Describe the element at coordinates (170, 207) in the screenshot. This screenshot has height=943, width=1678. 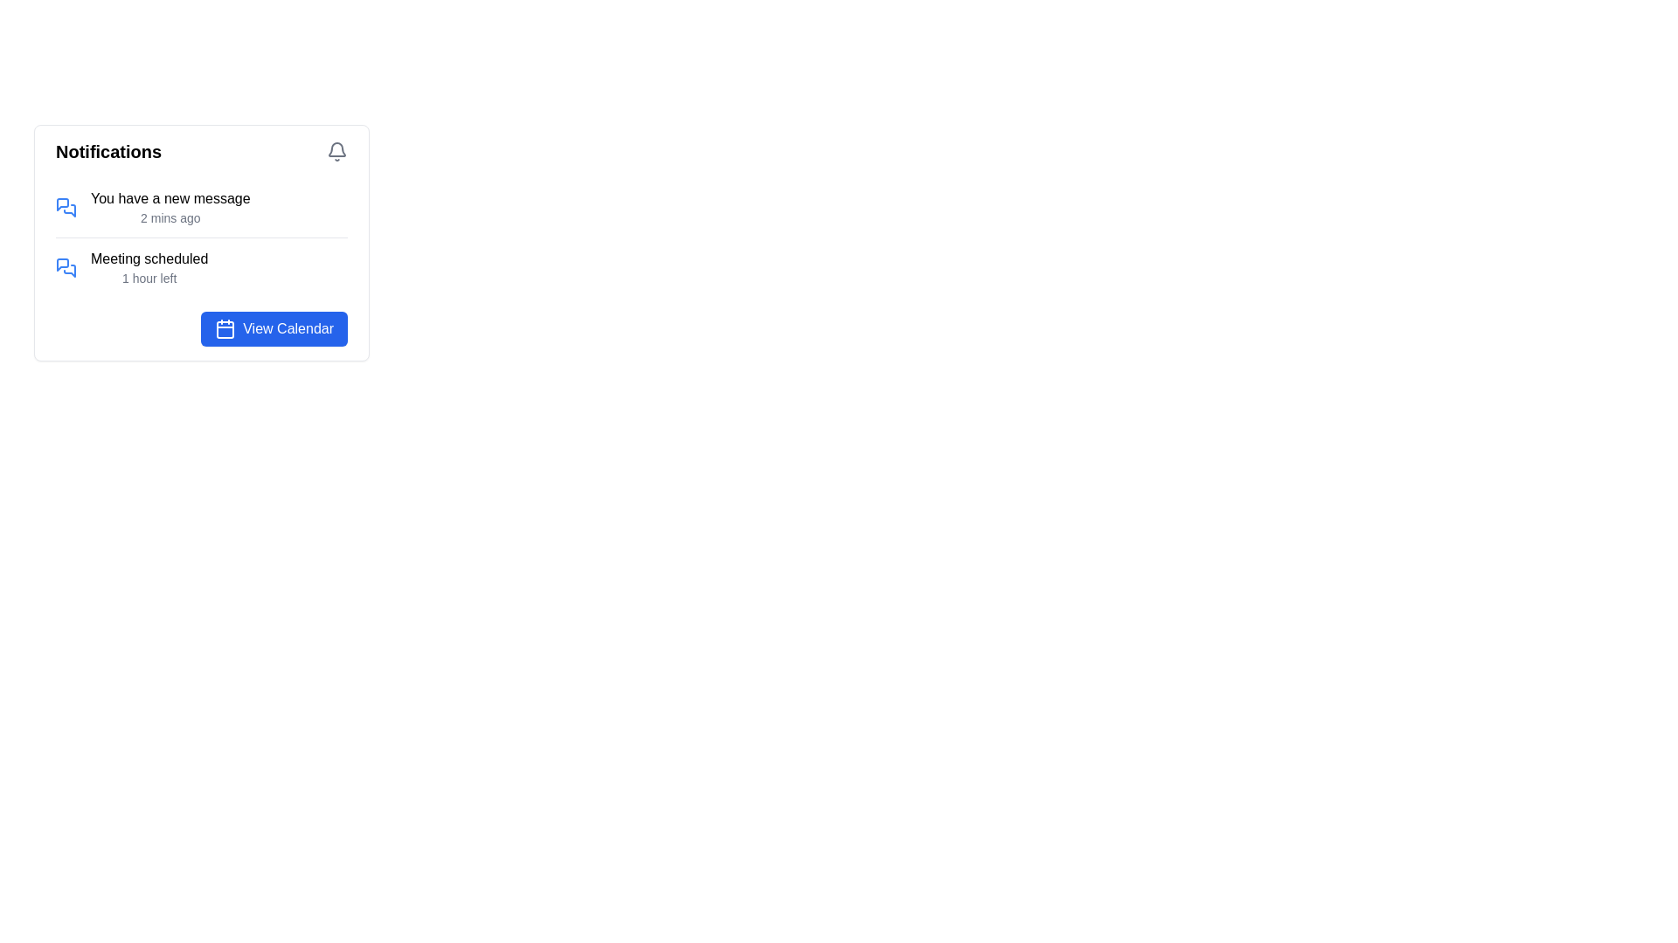
I see `notification content displayed as 'You have a new message' followed by '2 mins ago' within the Notifications panel` at that location.